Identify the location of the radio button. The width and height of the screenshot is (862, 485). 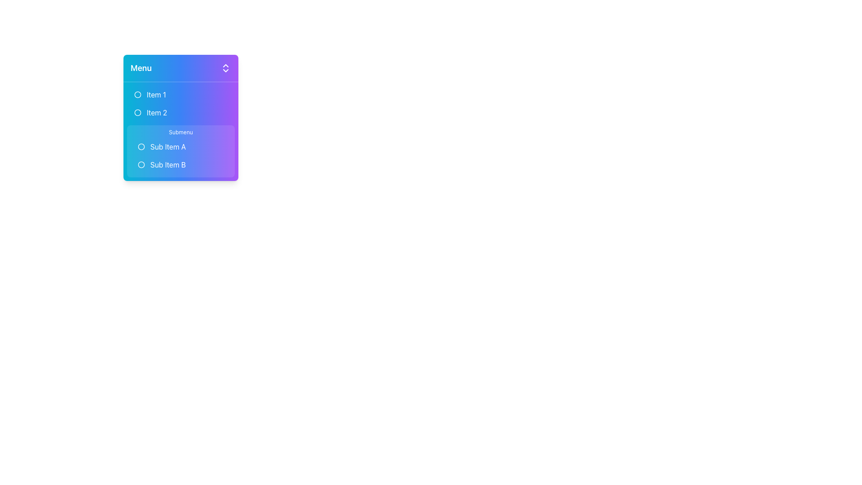
(137, 112).